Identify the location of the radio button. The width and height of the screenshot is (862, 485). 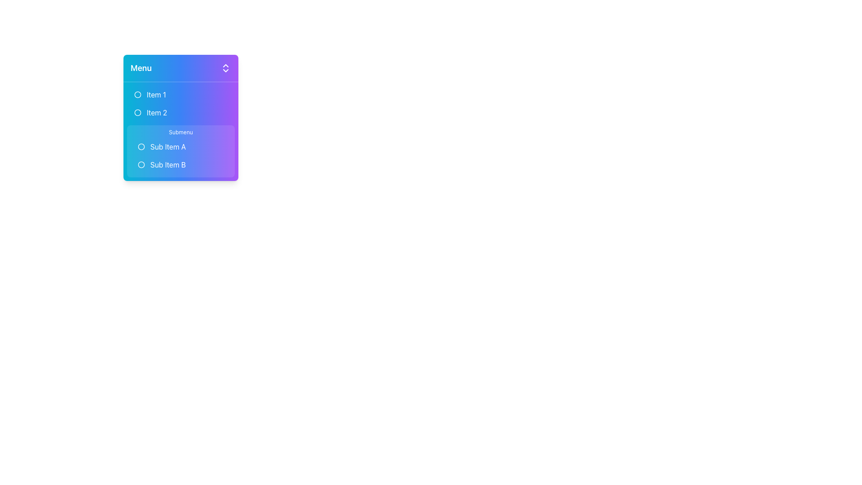
(137, 112).